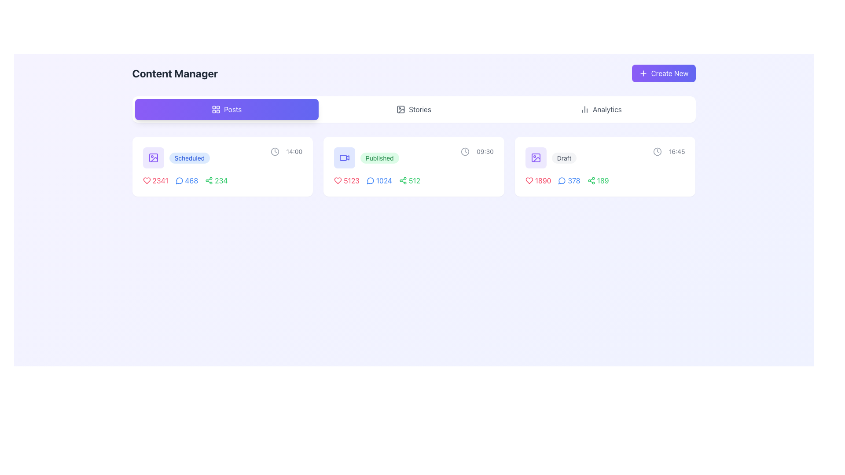 Image resolution: width=845 pixels, height=475 pixels. Describe the element at coordinates (562, 180) in the screenshot. I see `the comment count icon represented within the speech bubble of the interaction counter on the bottom left of the content card` at that location.